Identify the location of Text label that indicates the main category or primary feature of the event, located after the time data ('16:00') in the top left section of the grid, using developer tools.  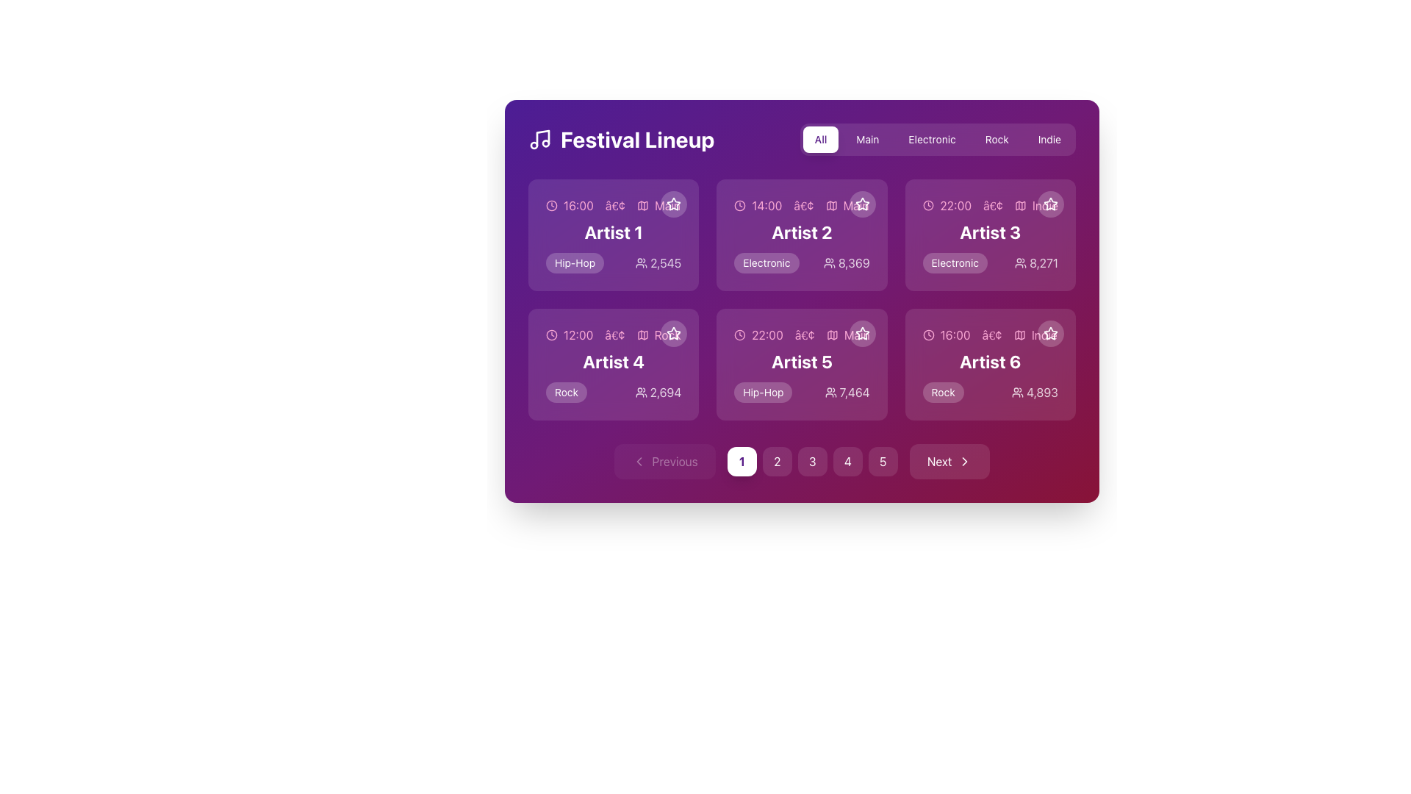
(667, 206).